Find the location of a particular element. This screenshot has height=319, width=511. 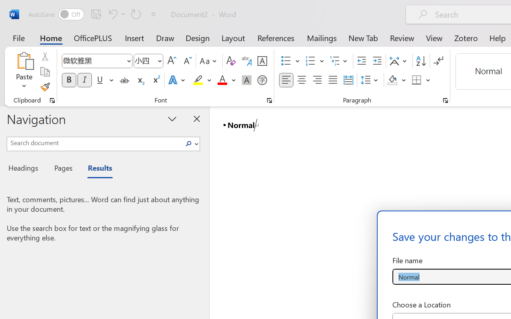

'Show/Hide Editing Marks' is located at coordinates (438, 61).